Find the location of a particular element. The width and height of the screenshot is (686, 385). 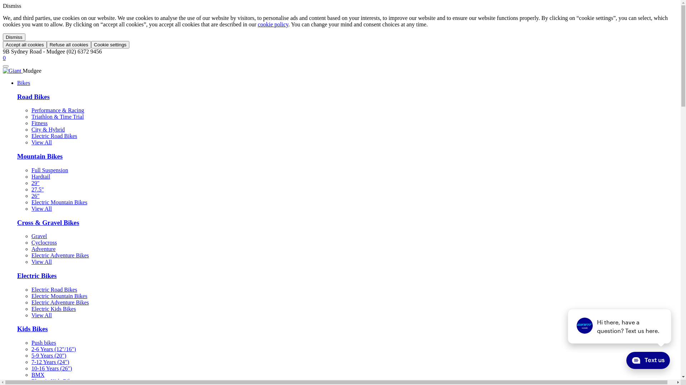

'podium webchat widget bubble' is located at coordinates (608, 361).